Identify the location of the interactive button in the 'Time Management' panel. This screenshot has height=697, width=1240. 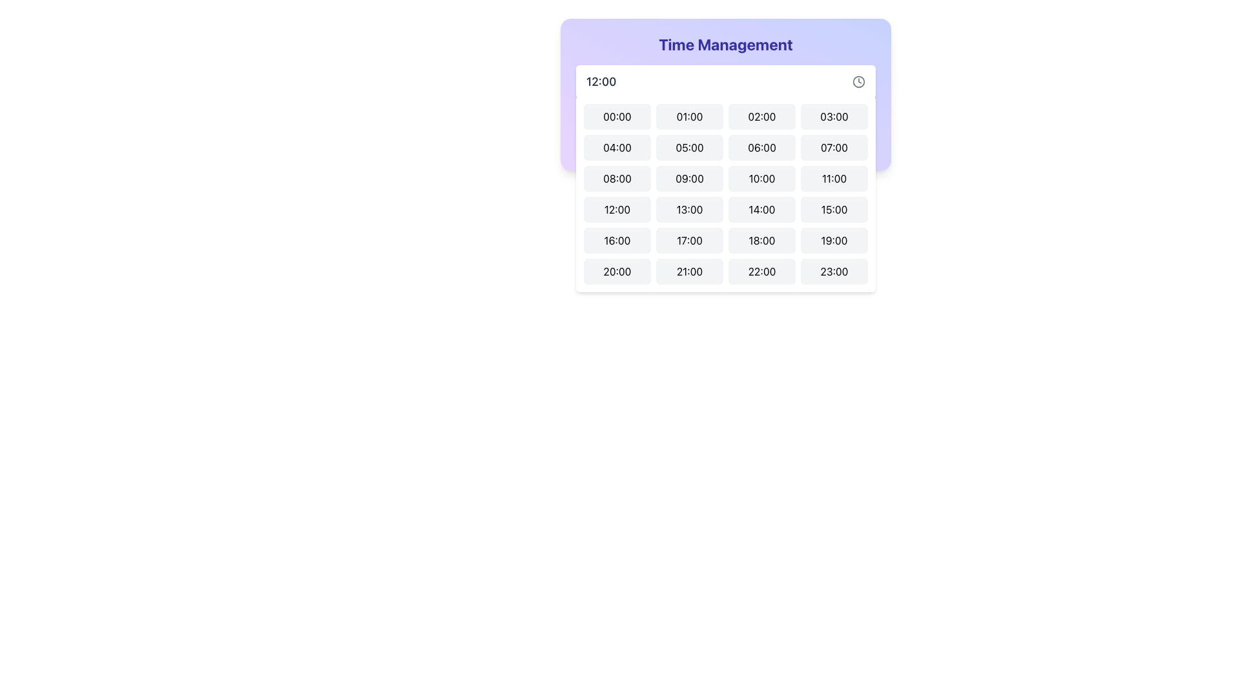
(616, 208).